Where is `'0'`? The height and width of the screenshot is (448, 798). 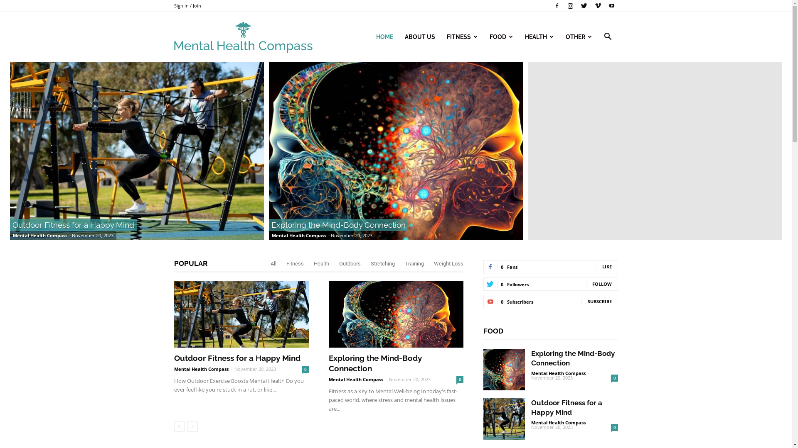
'0' is located at coordinates (301, 369).